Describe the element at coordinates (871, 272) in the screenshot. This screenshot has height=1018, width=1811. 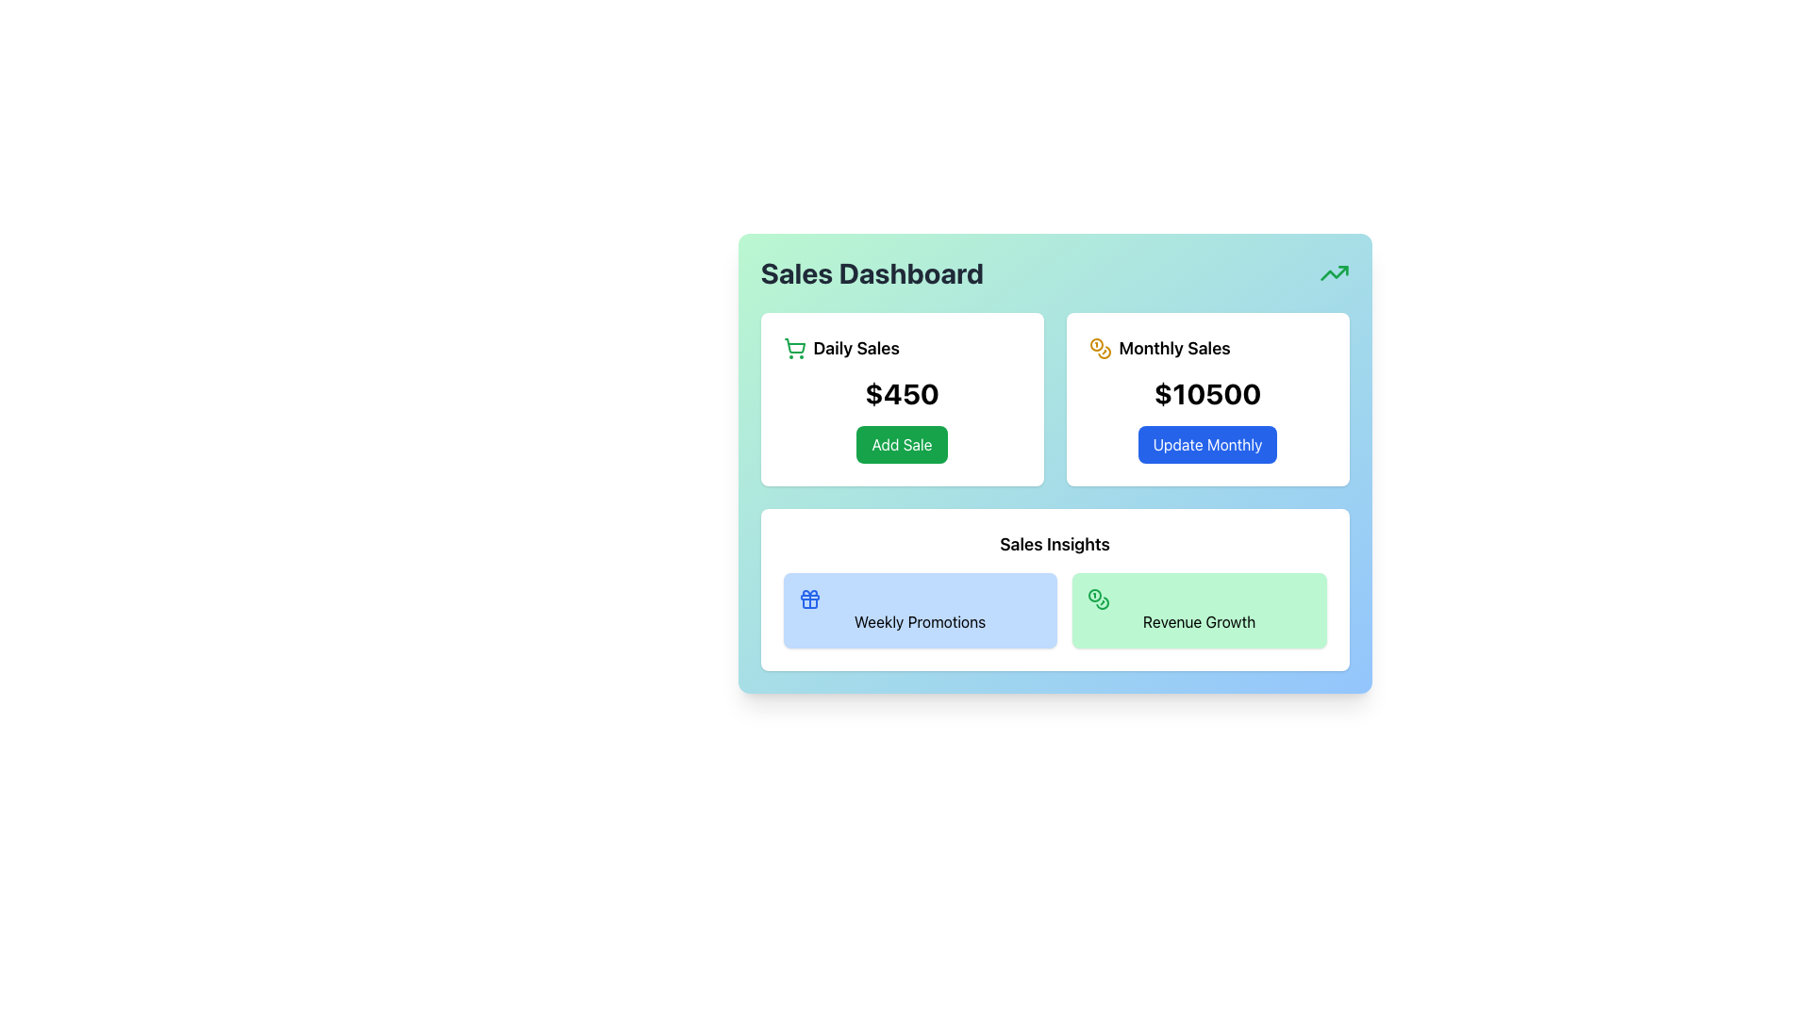
I see `the main header text label indicating 'Sales Dashboard', which is positioned at the upper left of the interface` at that location.